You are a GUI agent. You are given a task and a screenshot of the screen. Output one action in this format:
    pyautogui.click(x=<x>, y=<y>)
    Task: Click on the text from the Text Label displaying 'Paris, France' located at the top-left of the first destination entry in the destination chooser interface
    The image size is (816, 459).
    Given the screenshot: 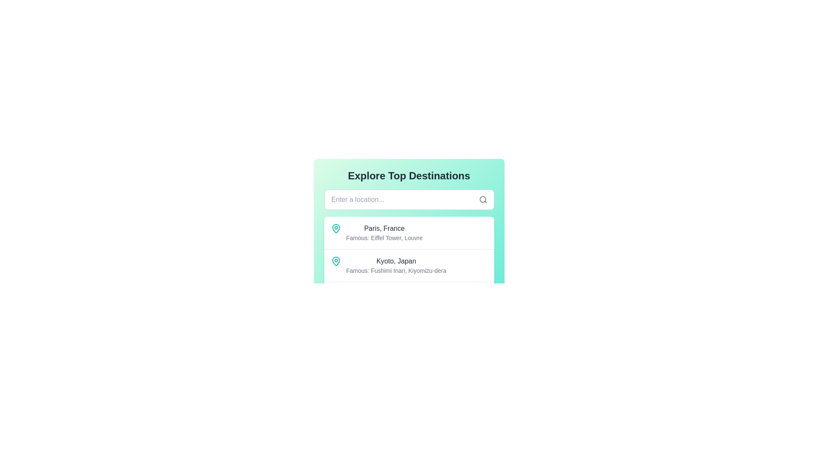 What is the action you would take?
    pyautogui.click(x=384, y=228)
    